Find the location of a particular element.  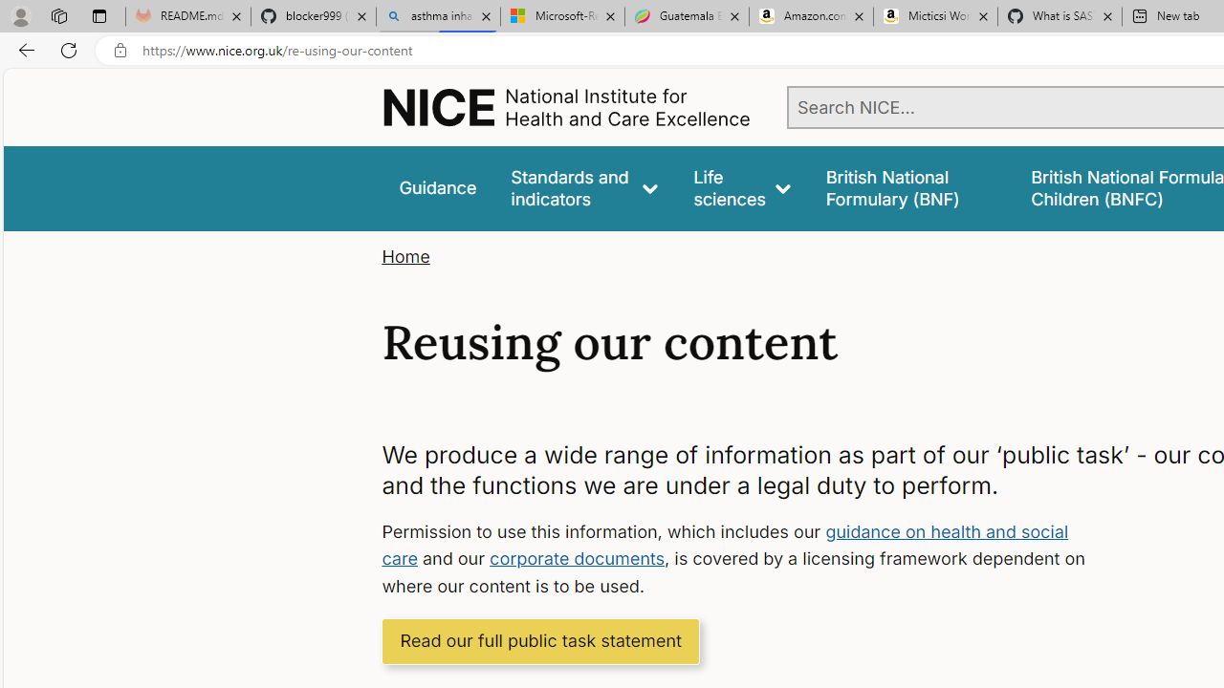

'asthma inhaler - Search' is located at coordinates (437, 16).